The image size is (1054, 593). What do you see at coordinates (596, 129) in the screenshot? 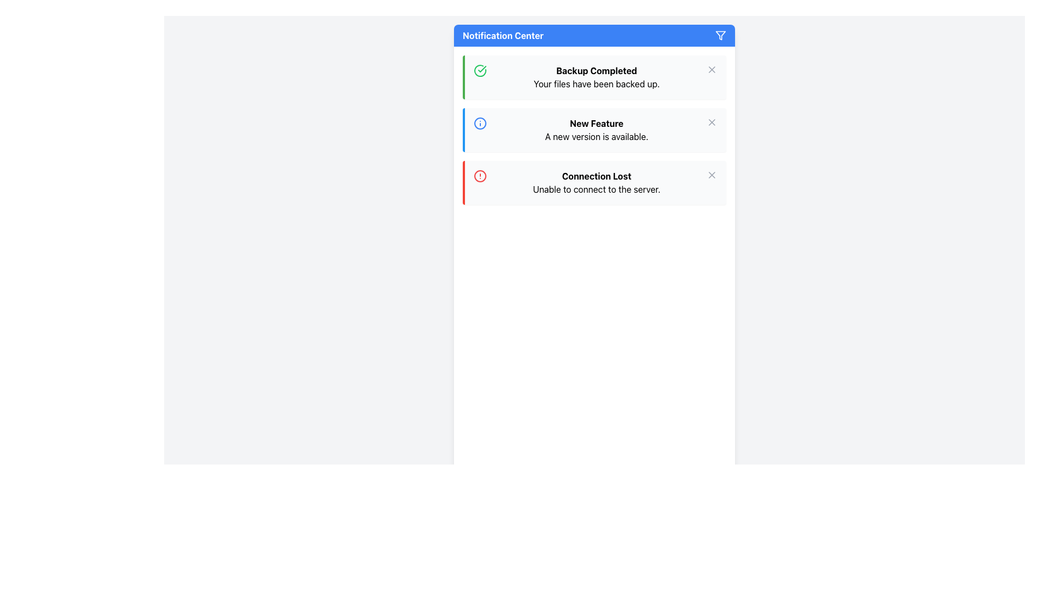
I see `the Text Display element in the second notification card of the 'Notification Center' panel, which communicates the presence of a new version or feature` at bounding box center [596, 129].